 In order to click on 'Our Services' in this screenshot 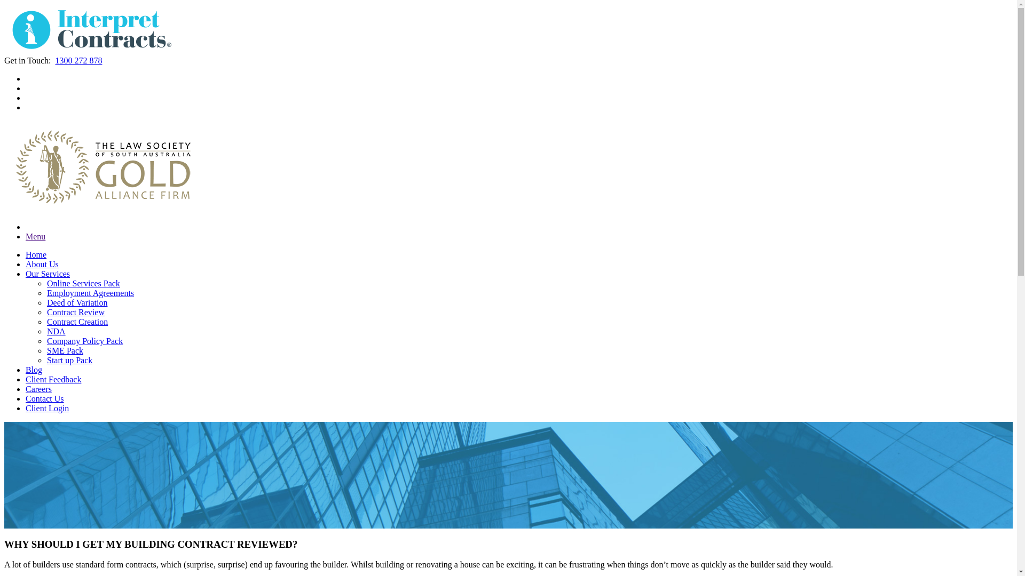, I will do `click(47, 273)`.